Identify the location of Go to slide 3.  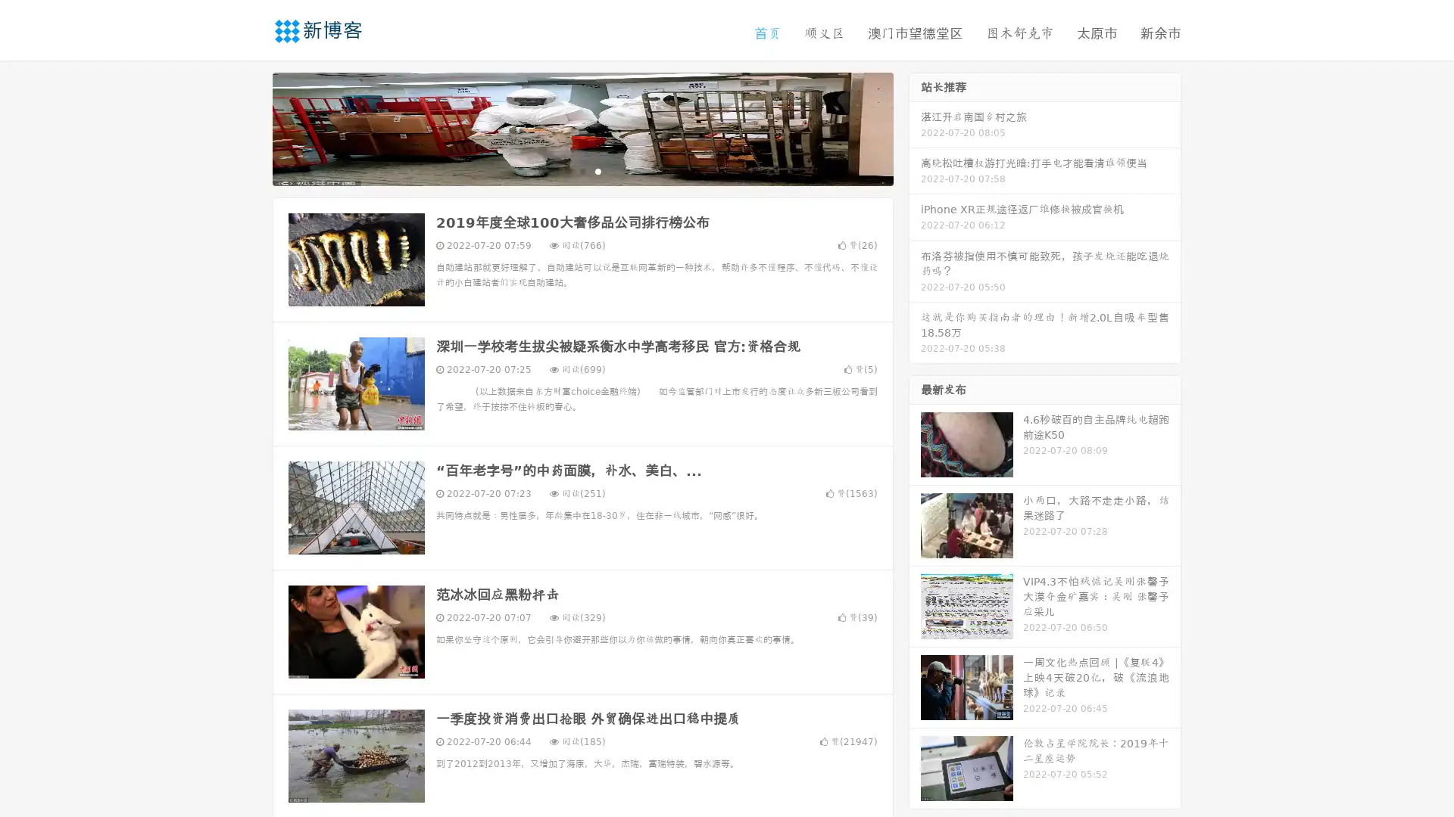
(598, 170).